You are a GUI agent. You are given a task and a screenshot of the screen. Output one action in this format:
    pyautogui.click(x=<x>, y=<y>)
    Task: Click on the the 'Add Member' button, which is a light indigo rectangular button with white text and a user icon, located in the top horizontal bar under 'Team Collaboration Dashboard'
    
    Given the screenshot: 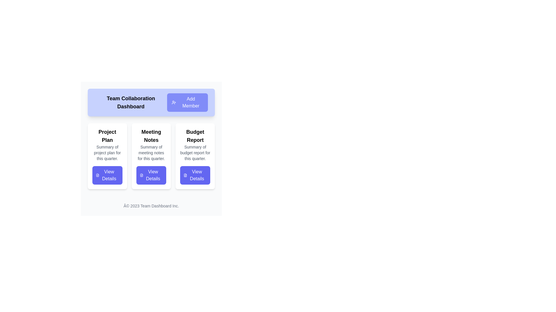 What is the action you would take?
    pyautogui.click(x=187, y=102)
    